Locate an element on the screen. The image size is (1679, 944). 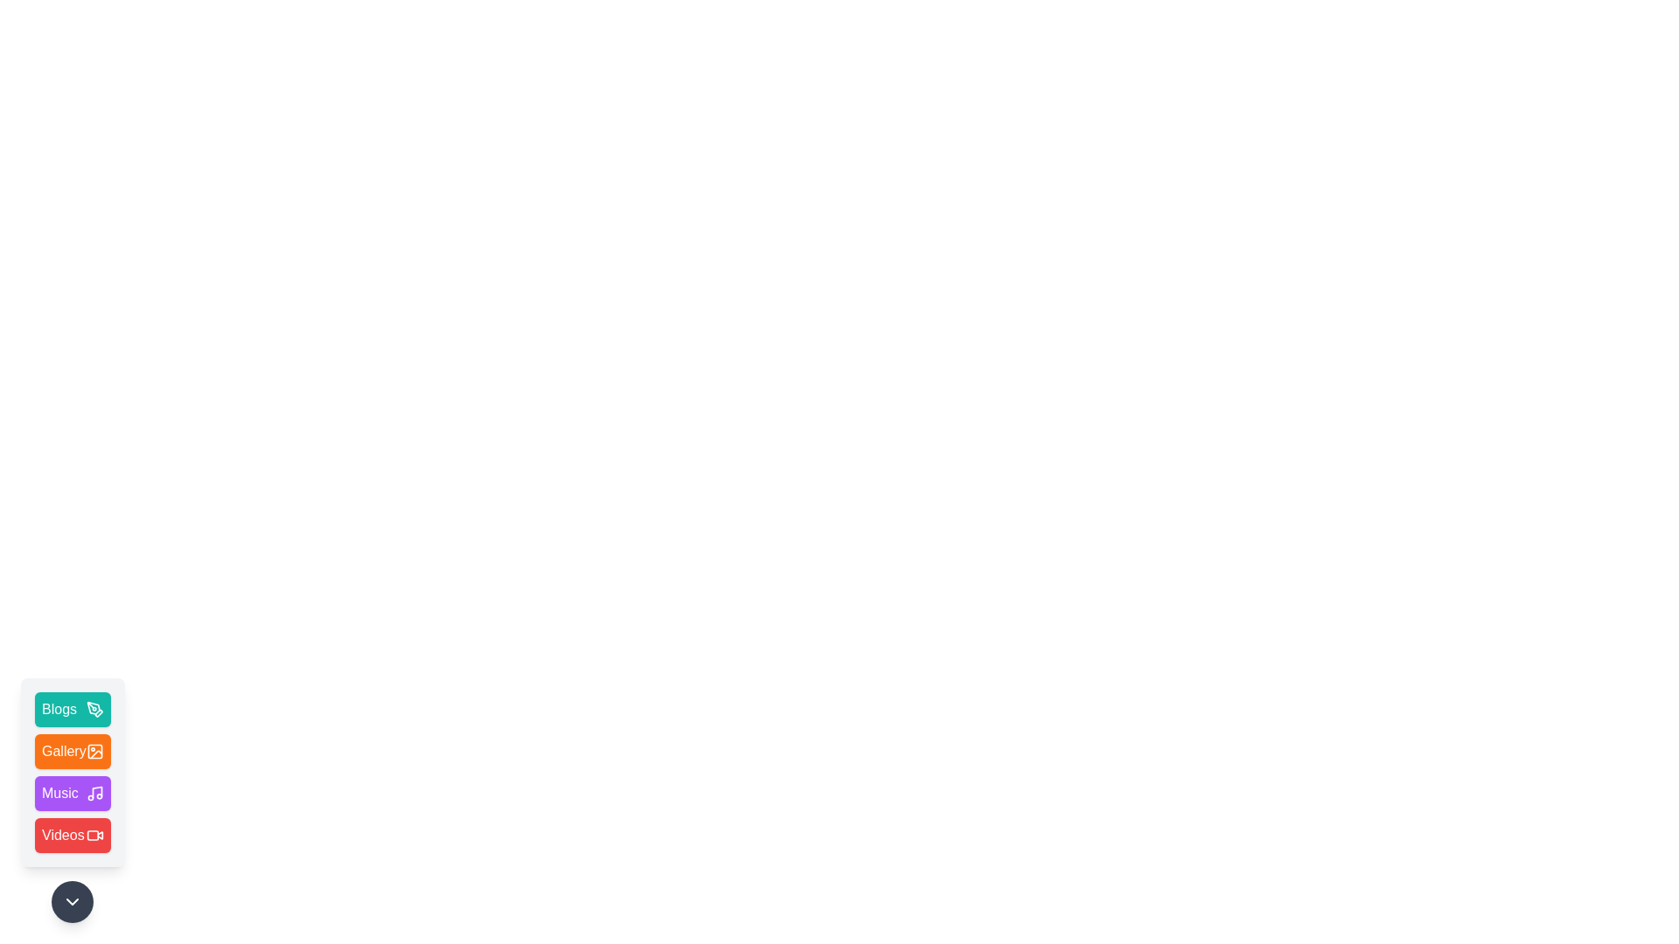
the toggle button to expand or collapse the menu is located at coordinates (72, 902).